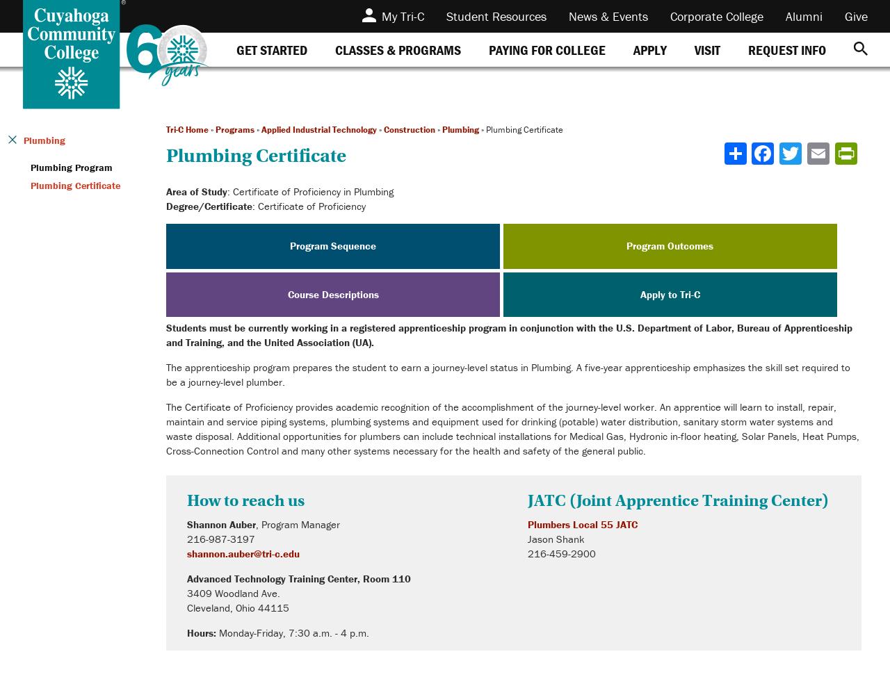 This screenshot has height=695, width=890. What do you see at coordinates (291, 632) in the screenshot?
I see `'Monday-Friday, 7:30 a.m. - 4 p.m.'` at bounding box center [291, 632].